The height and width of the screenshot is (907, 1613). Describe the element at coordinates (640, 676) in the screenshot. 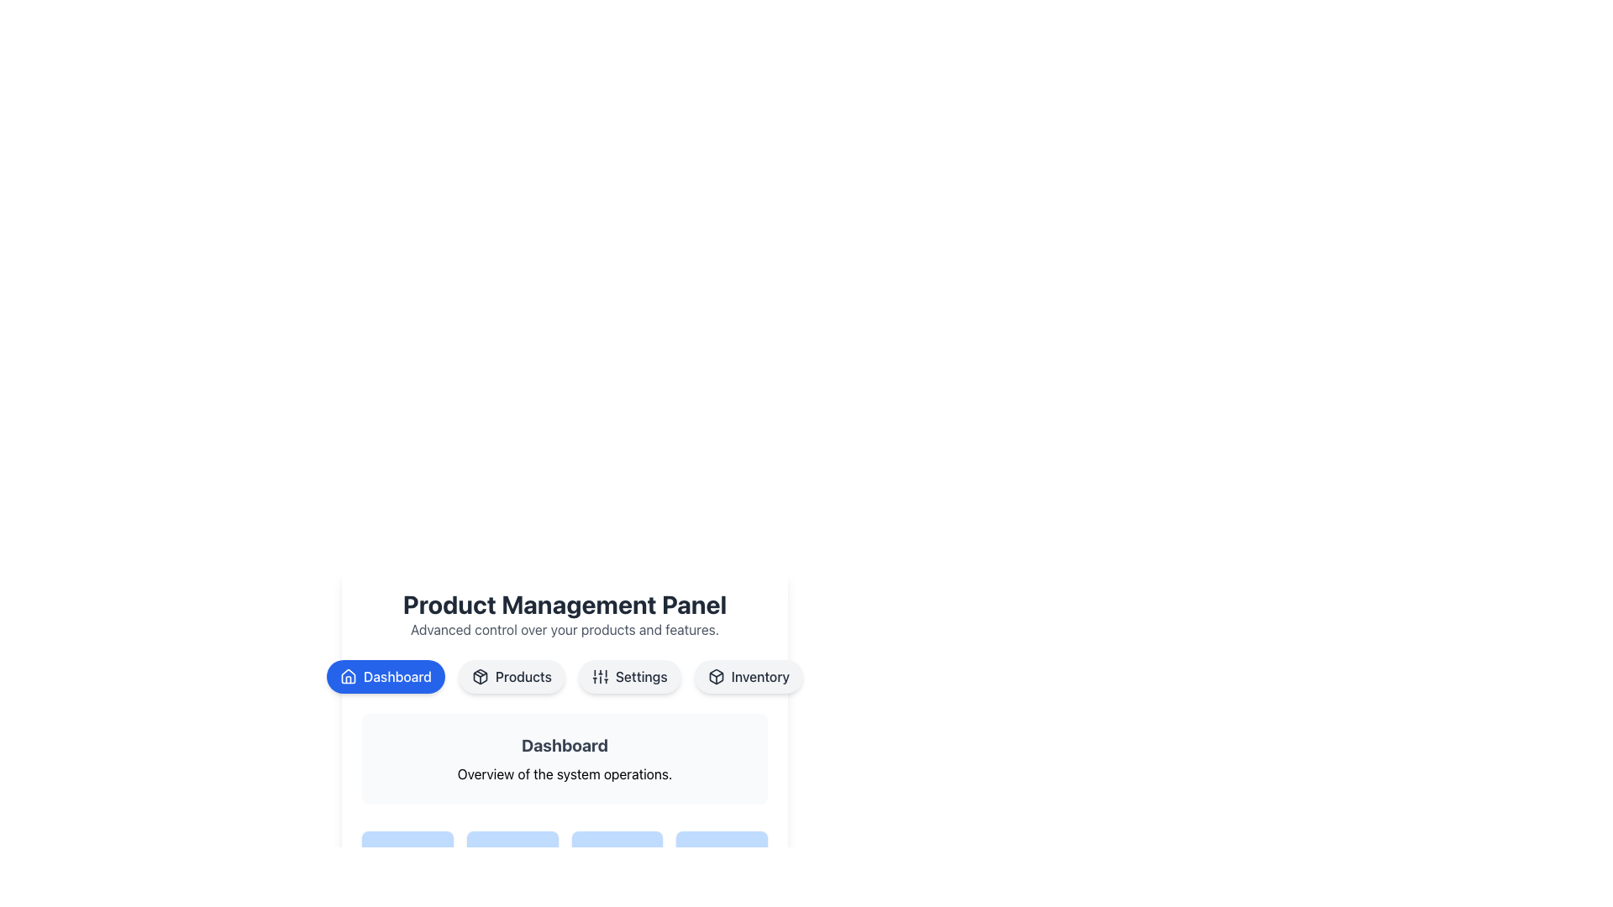

I see `text of the 'Settings' label located in the top-center menu, which is the third item from the left` at that location.